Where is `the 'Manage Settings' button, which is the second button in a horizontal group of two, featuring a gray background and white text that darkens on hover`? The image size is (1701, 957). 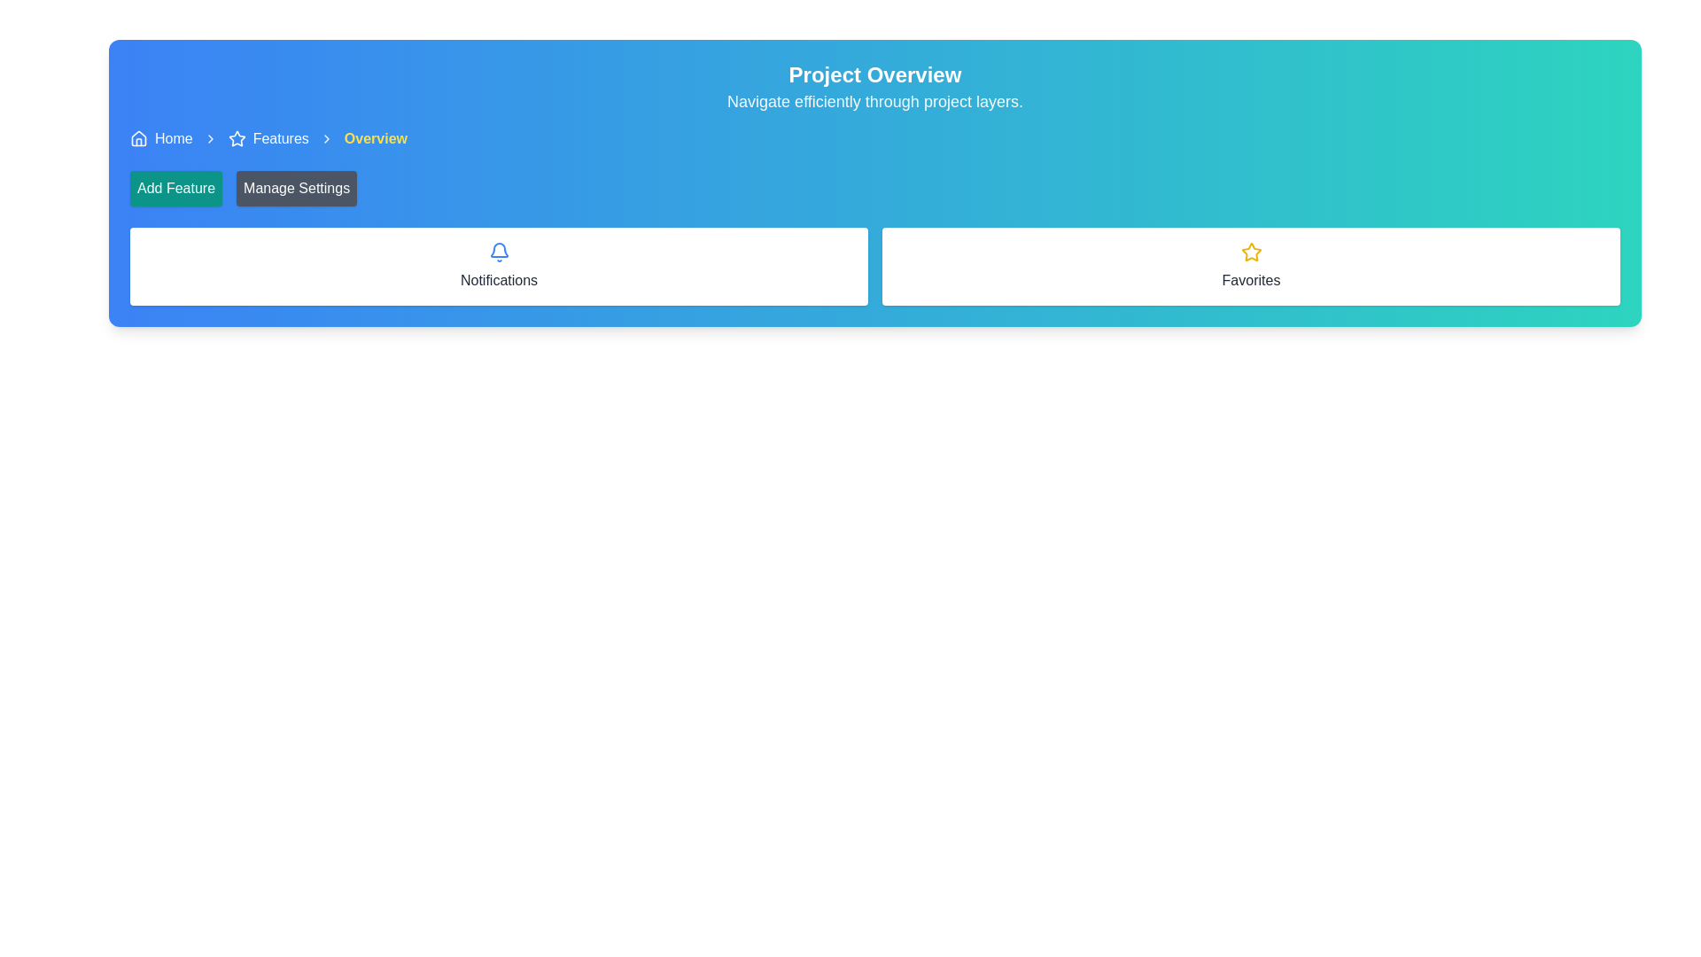 the 'Manage Settings' button, which is the second button in a horizontal group of two, featuring a gray background and white text that darkens on hover is located at coordinates (297, 188).